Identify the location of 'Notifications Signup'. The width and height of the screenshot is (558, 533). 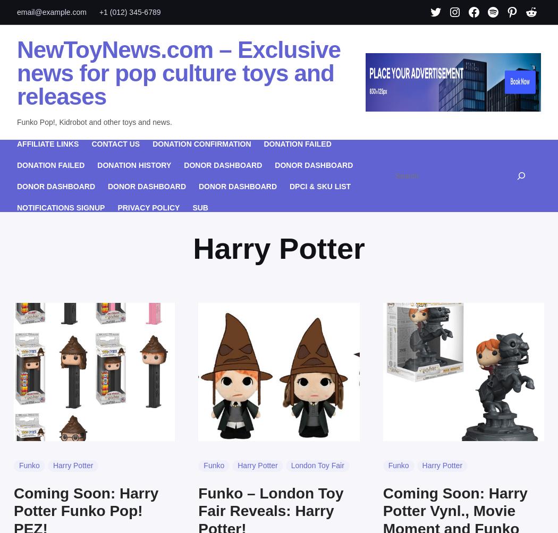
(60, 206).